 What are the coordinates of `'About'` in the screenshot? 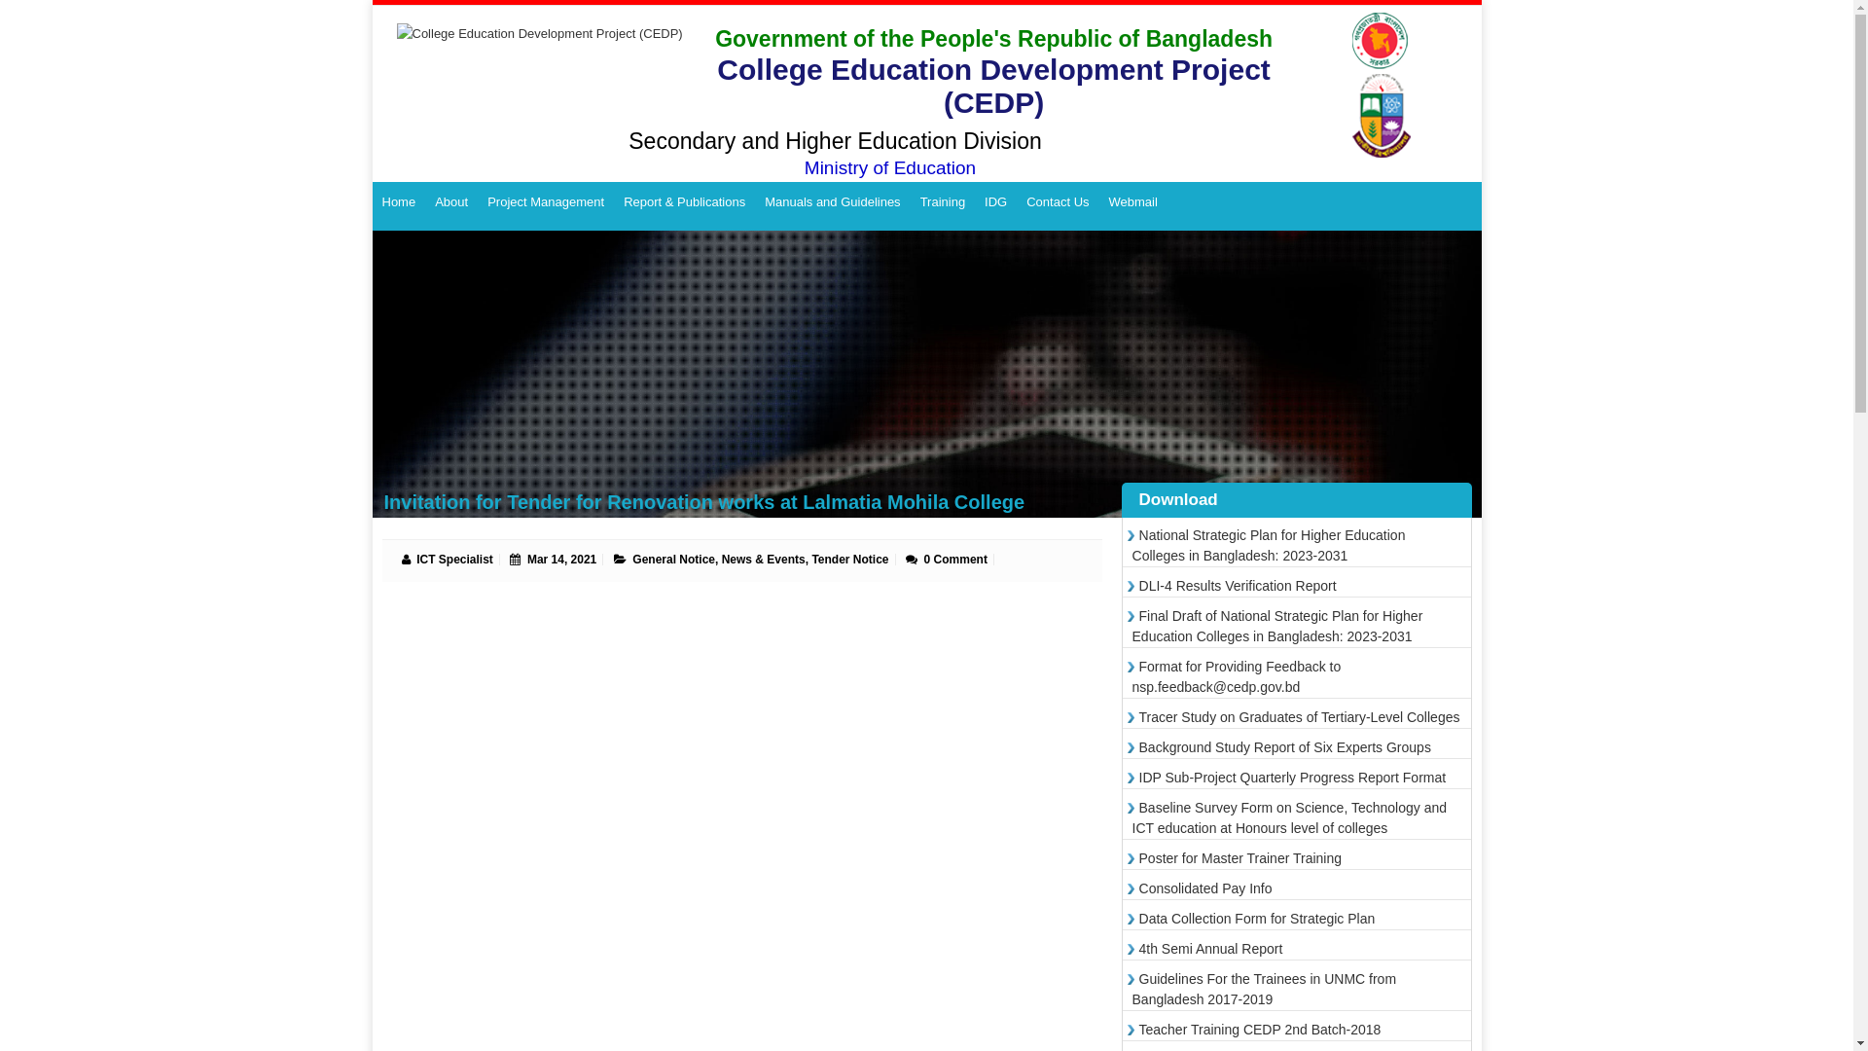 It's located at (423, 202).